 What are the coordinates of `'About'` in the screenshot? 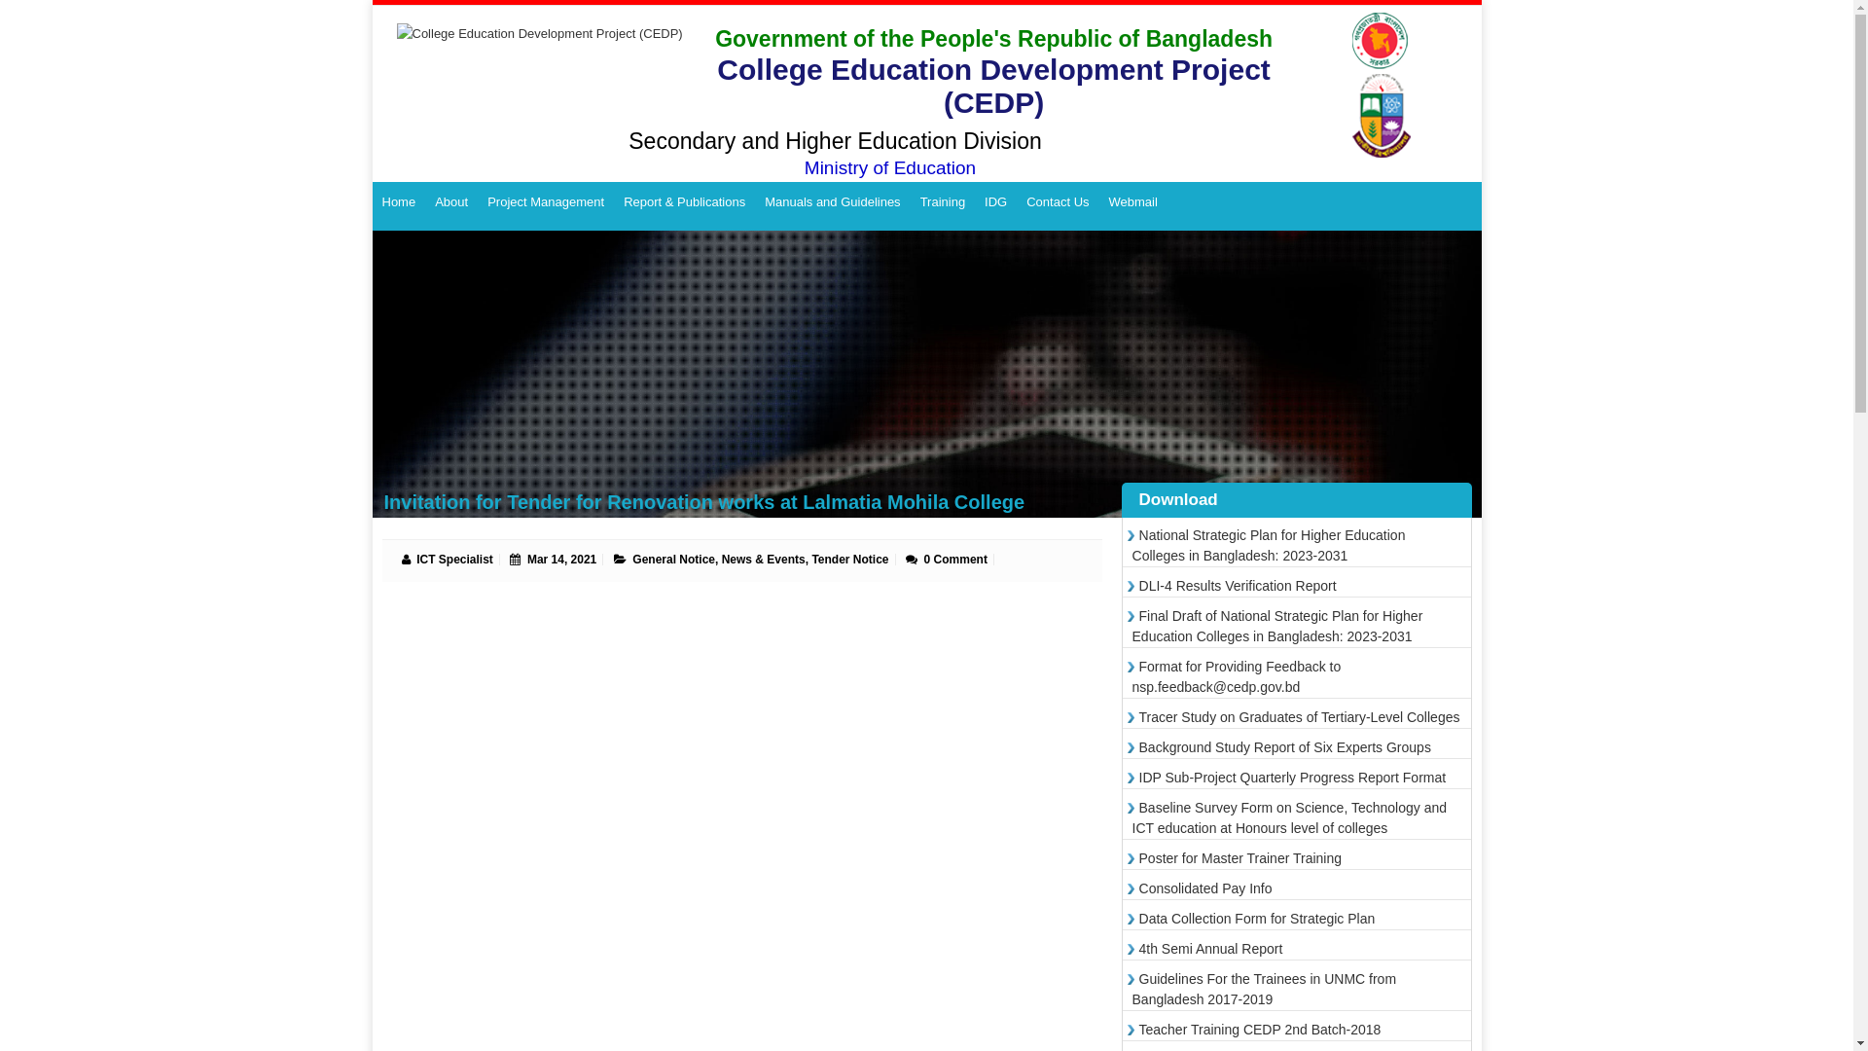 It's located at (423, 202).